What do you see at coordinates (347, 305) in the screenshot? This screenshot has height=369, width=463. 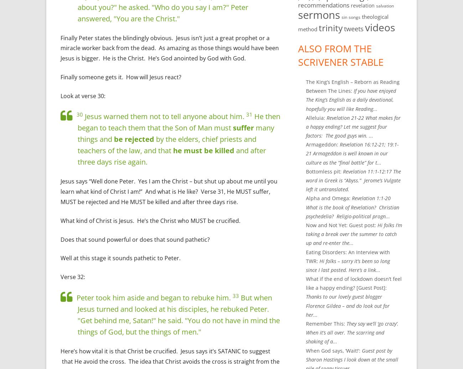 I see `'Thanks to our lovely guest blogger Florence Gildea – and do look out for her...'` at bounding box center [347, 305].